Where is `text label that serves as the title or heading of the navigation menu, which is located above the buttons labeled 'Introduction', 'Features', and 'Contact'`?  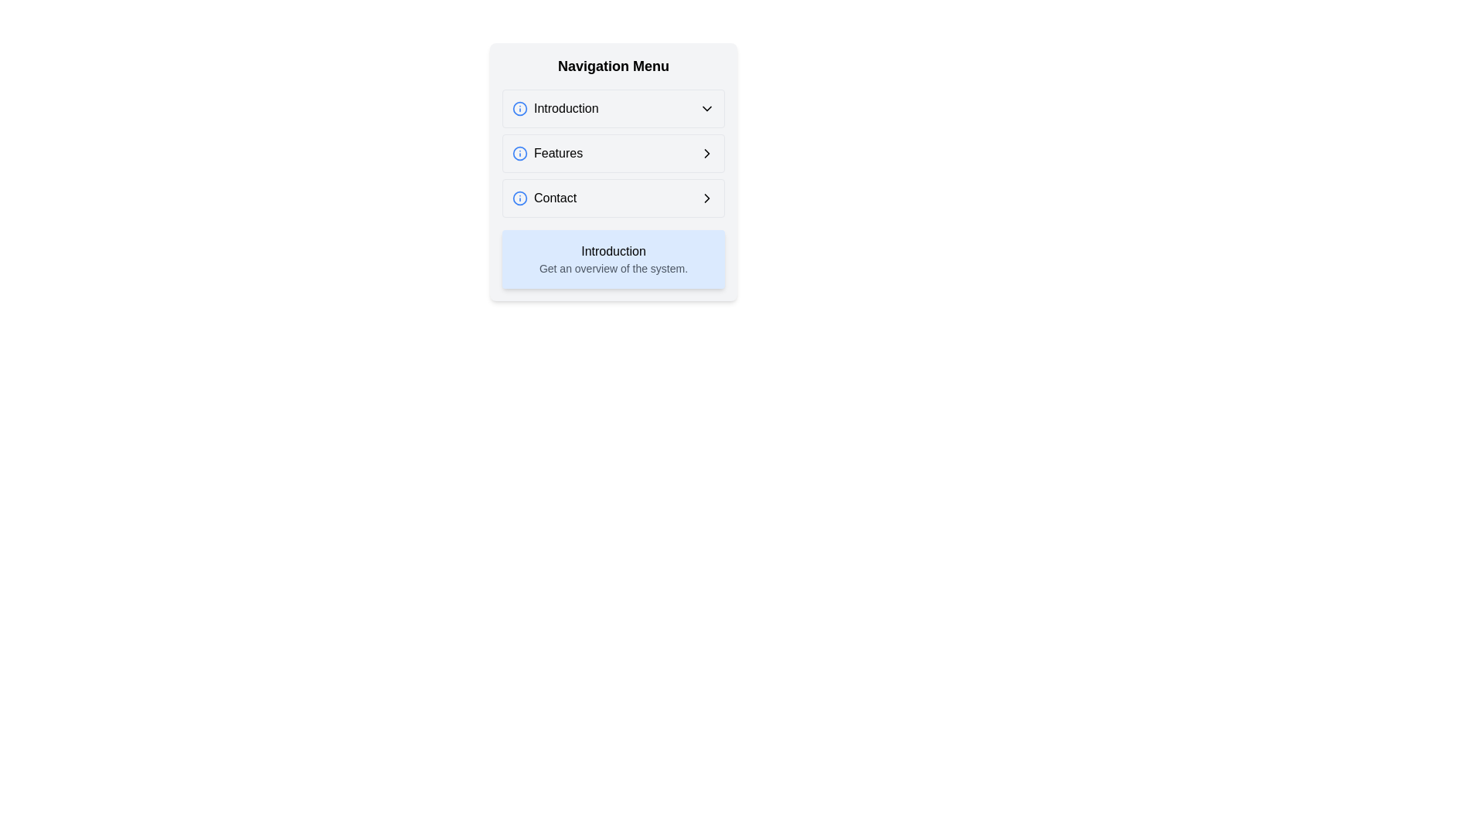
text label that serves as the title or heading of the navigation menu, which is located above the buttons labeled 'Introduction', 'Features', and 'Contact' is located at coordinates (612, 65).